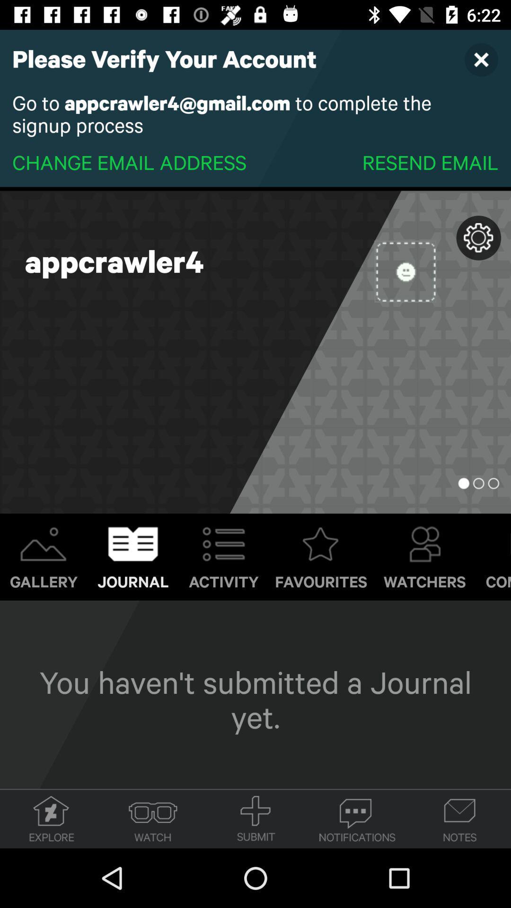 The width and height of the screenshot is (511, 908). I want to click on the settings icon, so click(478, 238).